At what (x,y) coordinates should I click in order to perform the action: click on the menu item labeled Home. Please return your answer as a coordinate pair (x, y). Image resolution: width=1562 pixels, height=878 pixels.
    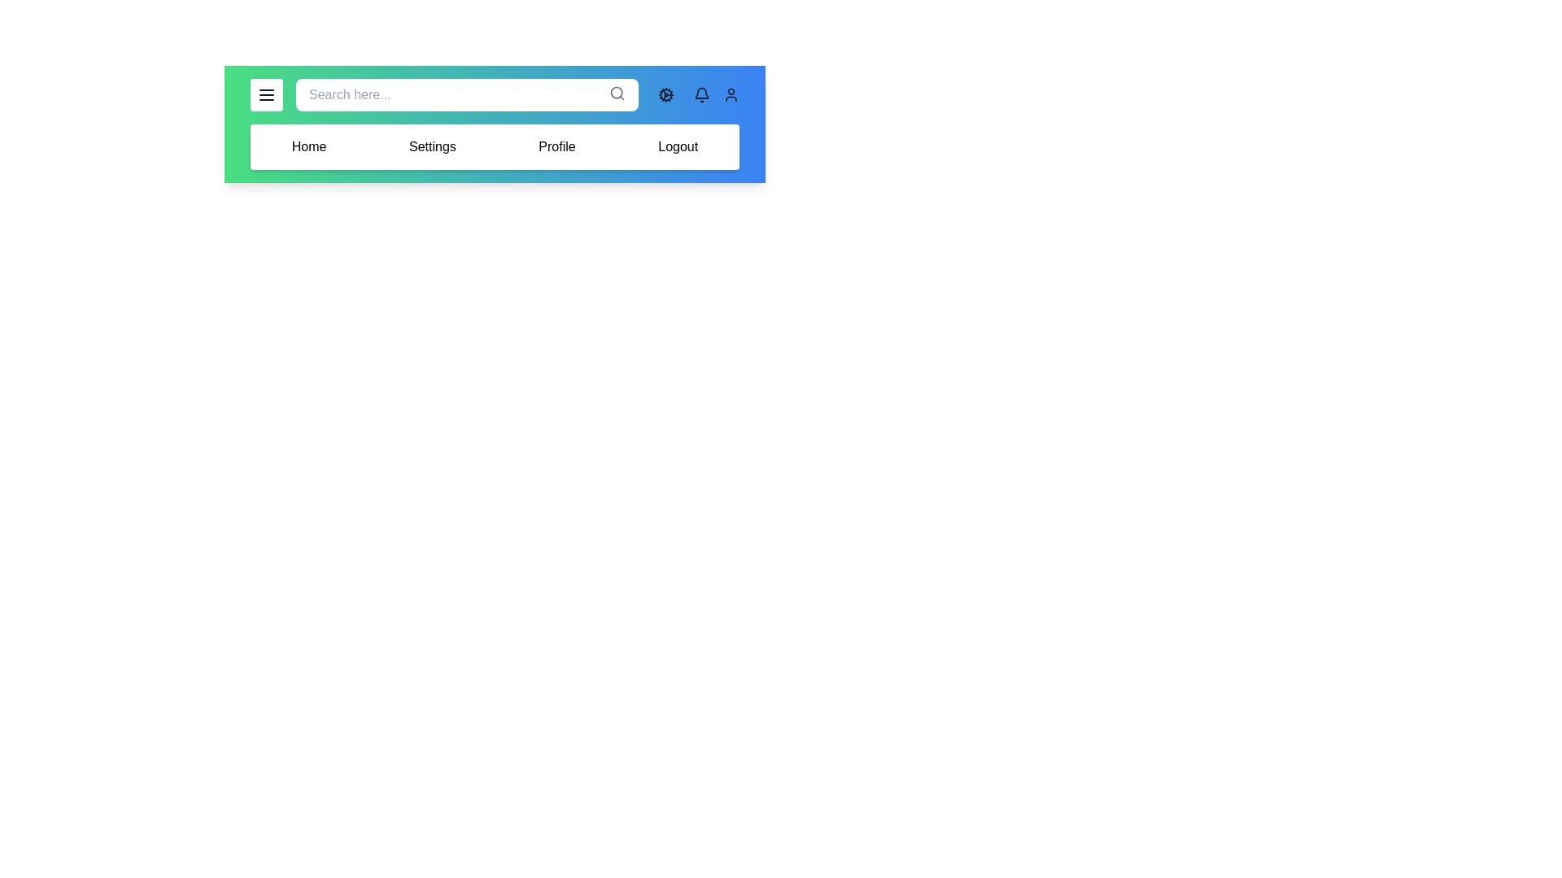
    Looking at the image, I should click on (308, 147).